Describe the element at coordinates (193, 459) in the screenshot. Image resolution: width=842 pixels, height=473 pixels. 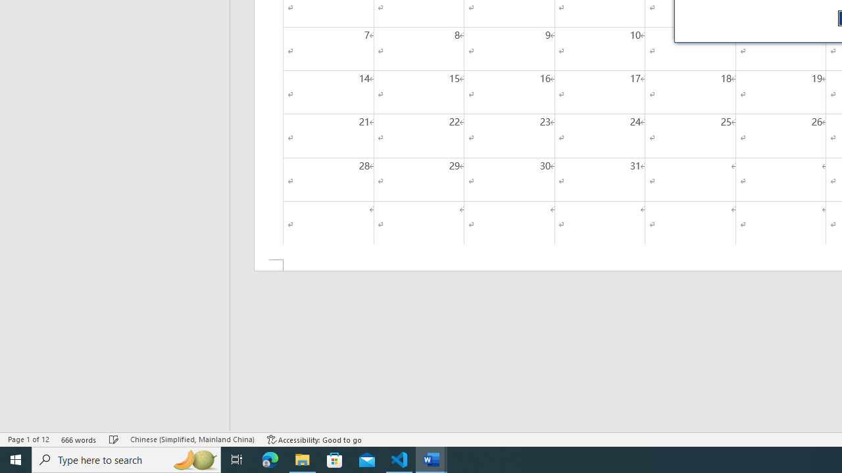
I see `'Search highlights icon opens search home window'` at that location.